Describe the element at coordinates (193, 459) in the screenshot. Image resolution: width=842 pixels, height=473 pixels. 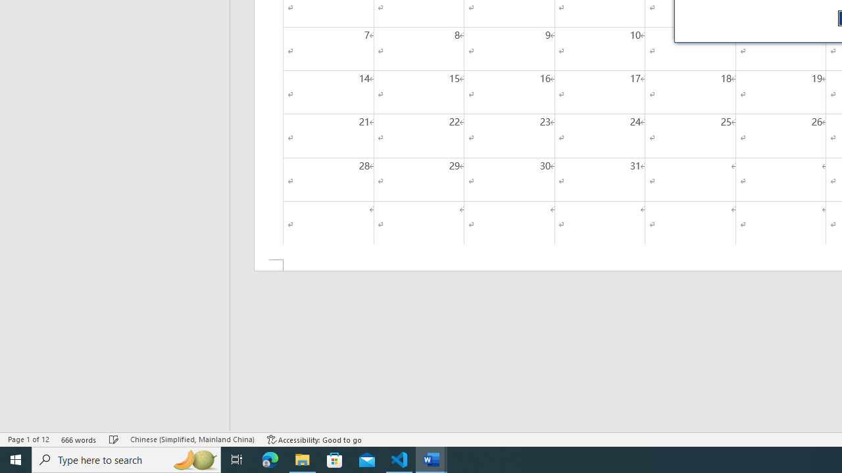
I see `'Search highlights icon opens search home window'` at that location.